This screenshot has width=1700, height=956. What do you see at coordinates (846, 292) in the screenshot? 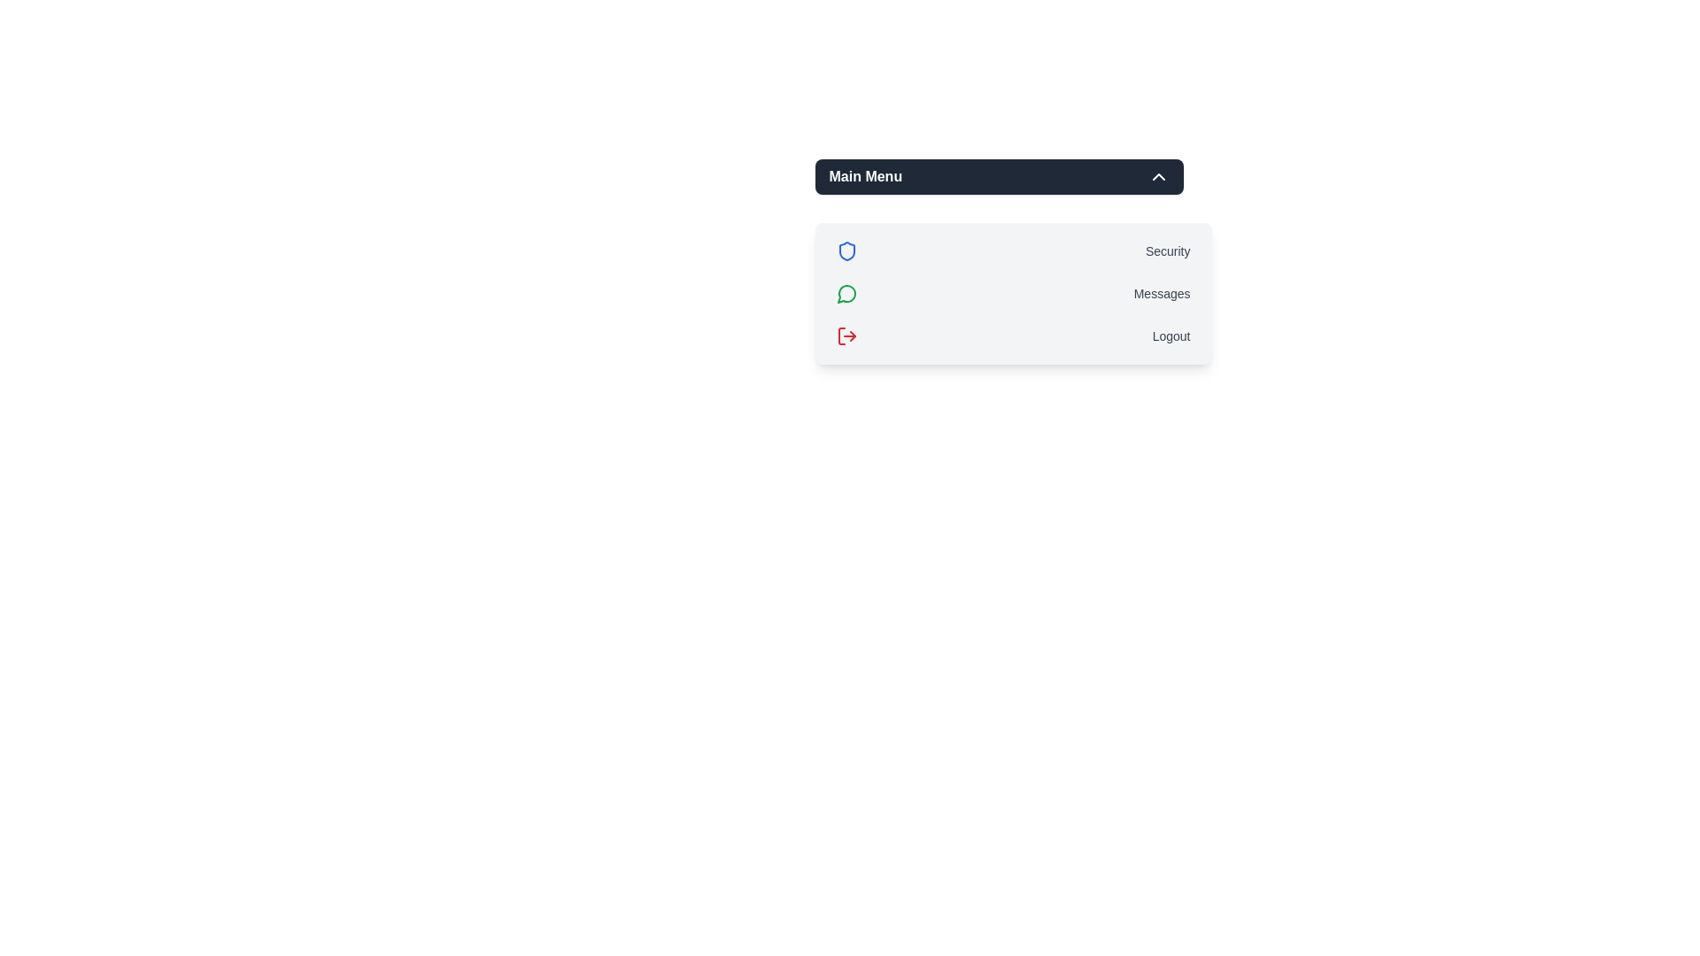
I see `the speech bubble icon with a green outline located in the 'Messages' menu section, positioned between 'Security' and 'Logout'` at bounding box center [846, 292].